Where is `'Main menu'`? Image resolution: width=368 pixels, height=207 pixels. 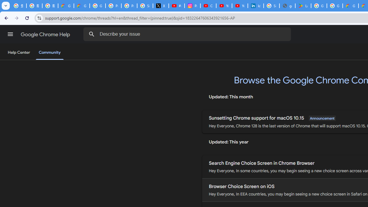 'Main menu' is located at coordinates (10, 34).